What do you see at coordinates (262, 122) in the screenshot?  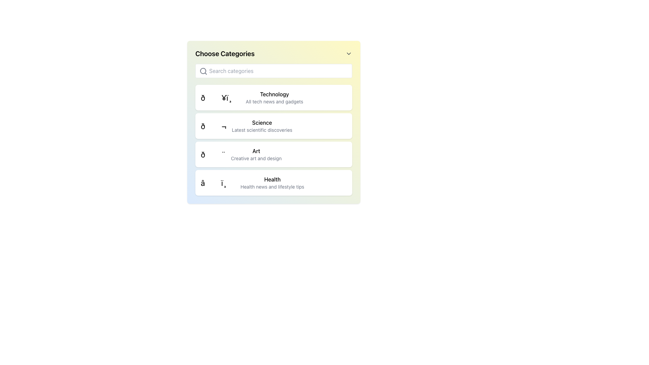 I see `the 'Science' Text Label, which is displayed in medium bold black text above the descriptor 'Latest scientific discoveries' within the second list item of the categories under 'Choose Categories'` at bounding box center [262, 122].